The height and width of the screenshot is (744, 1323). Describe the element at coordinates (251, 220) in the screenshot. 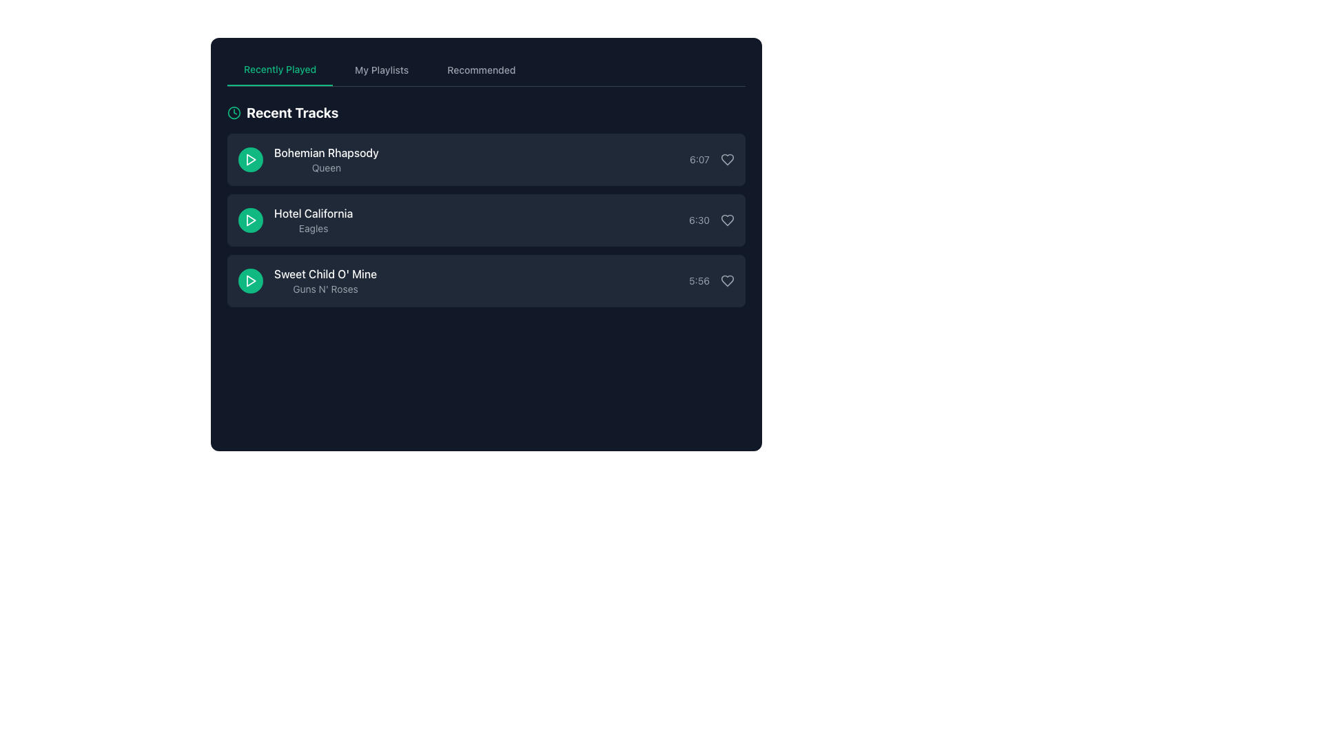

I see `the green circular play button located to the left of the 'Hotel California' track in the vertical list` at that location.